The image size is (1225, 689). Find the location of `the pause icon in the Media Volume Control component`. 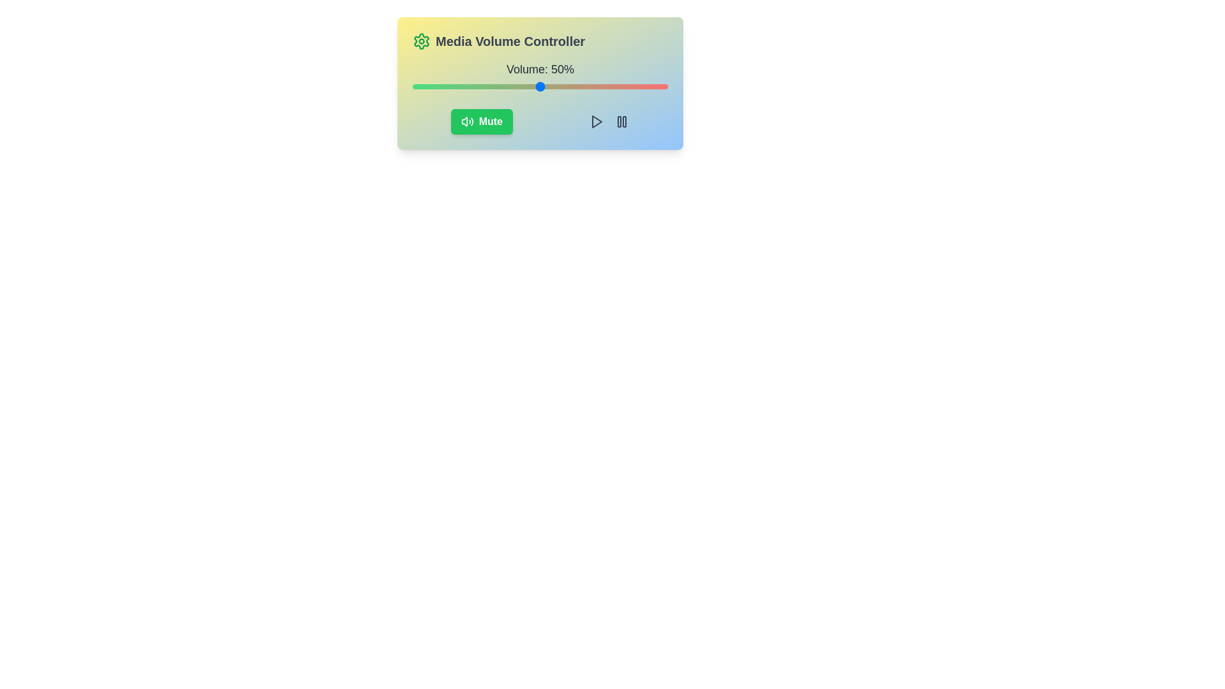

the pause icon in the Media Volume Control component is located at coordinates (622, 122).